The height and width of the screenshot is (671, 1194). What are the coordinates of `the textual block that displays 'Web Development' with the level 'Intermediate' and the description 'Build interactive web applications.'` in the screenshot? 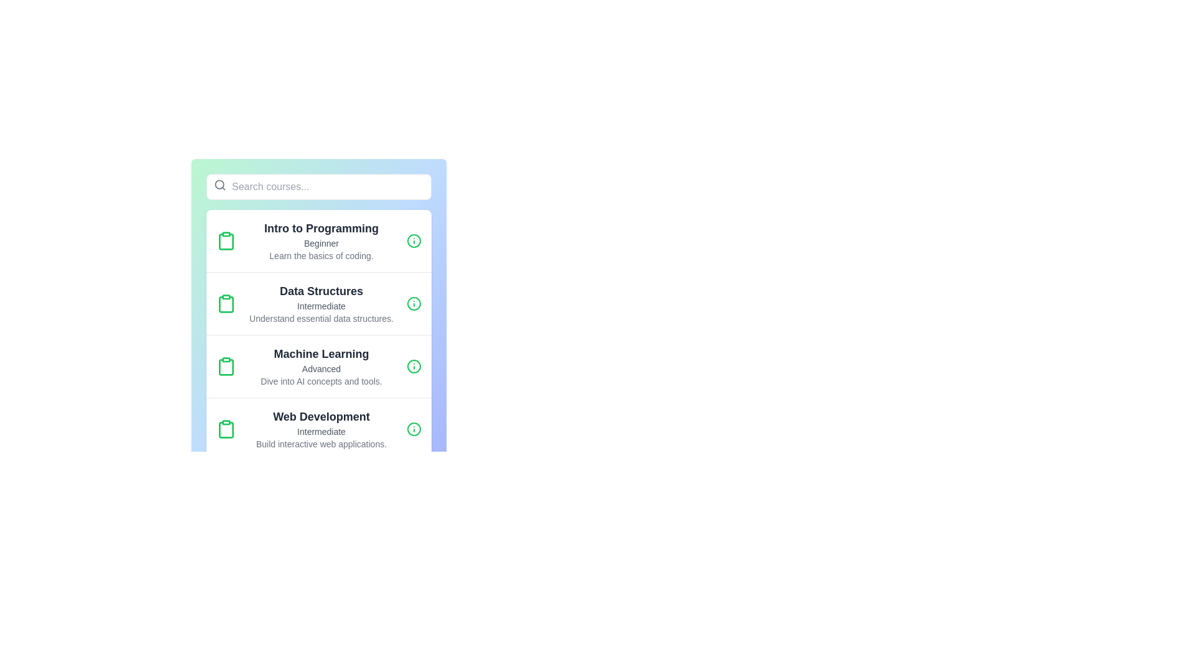 It's located at (322, 428).